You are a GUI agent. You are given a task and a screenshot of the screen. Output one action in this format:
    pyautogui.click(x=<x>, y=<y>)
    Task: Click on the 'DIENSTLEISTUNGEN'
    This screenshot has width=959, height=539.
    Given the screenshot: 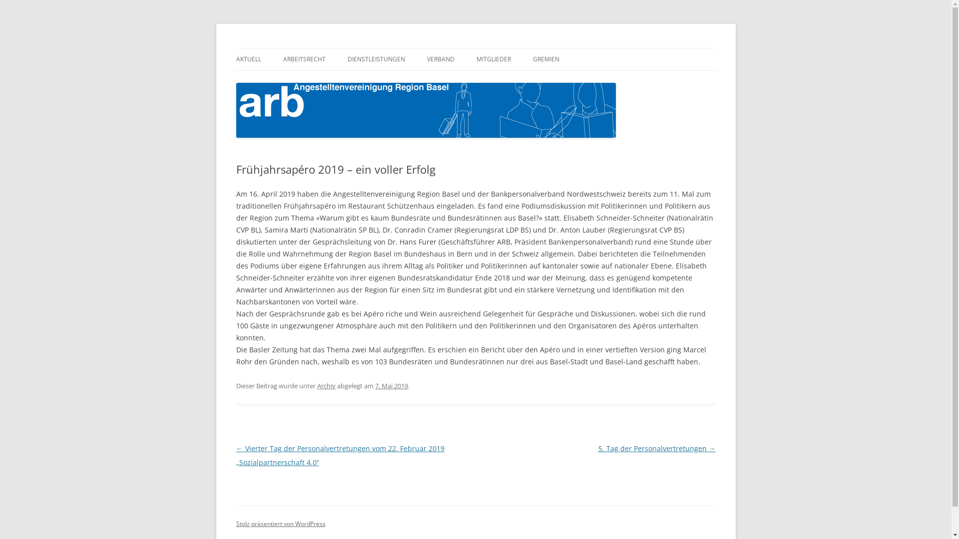 What is the action you would take?
    pyautogui.click(x=376, y=59)
    